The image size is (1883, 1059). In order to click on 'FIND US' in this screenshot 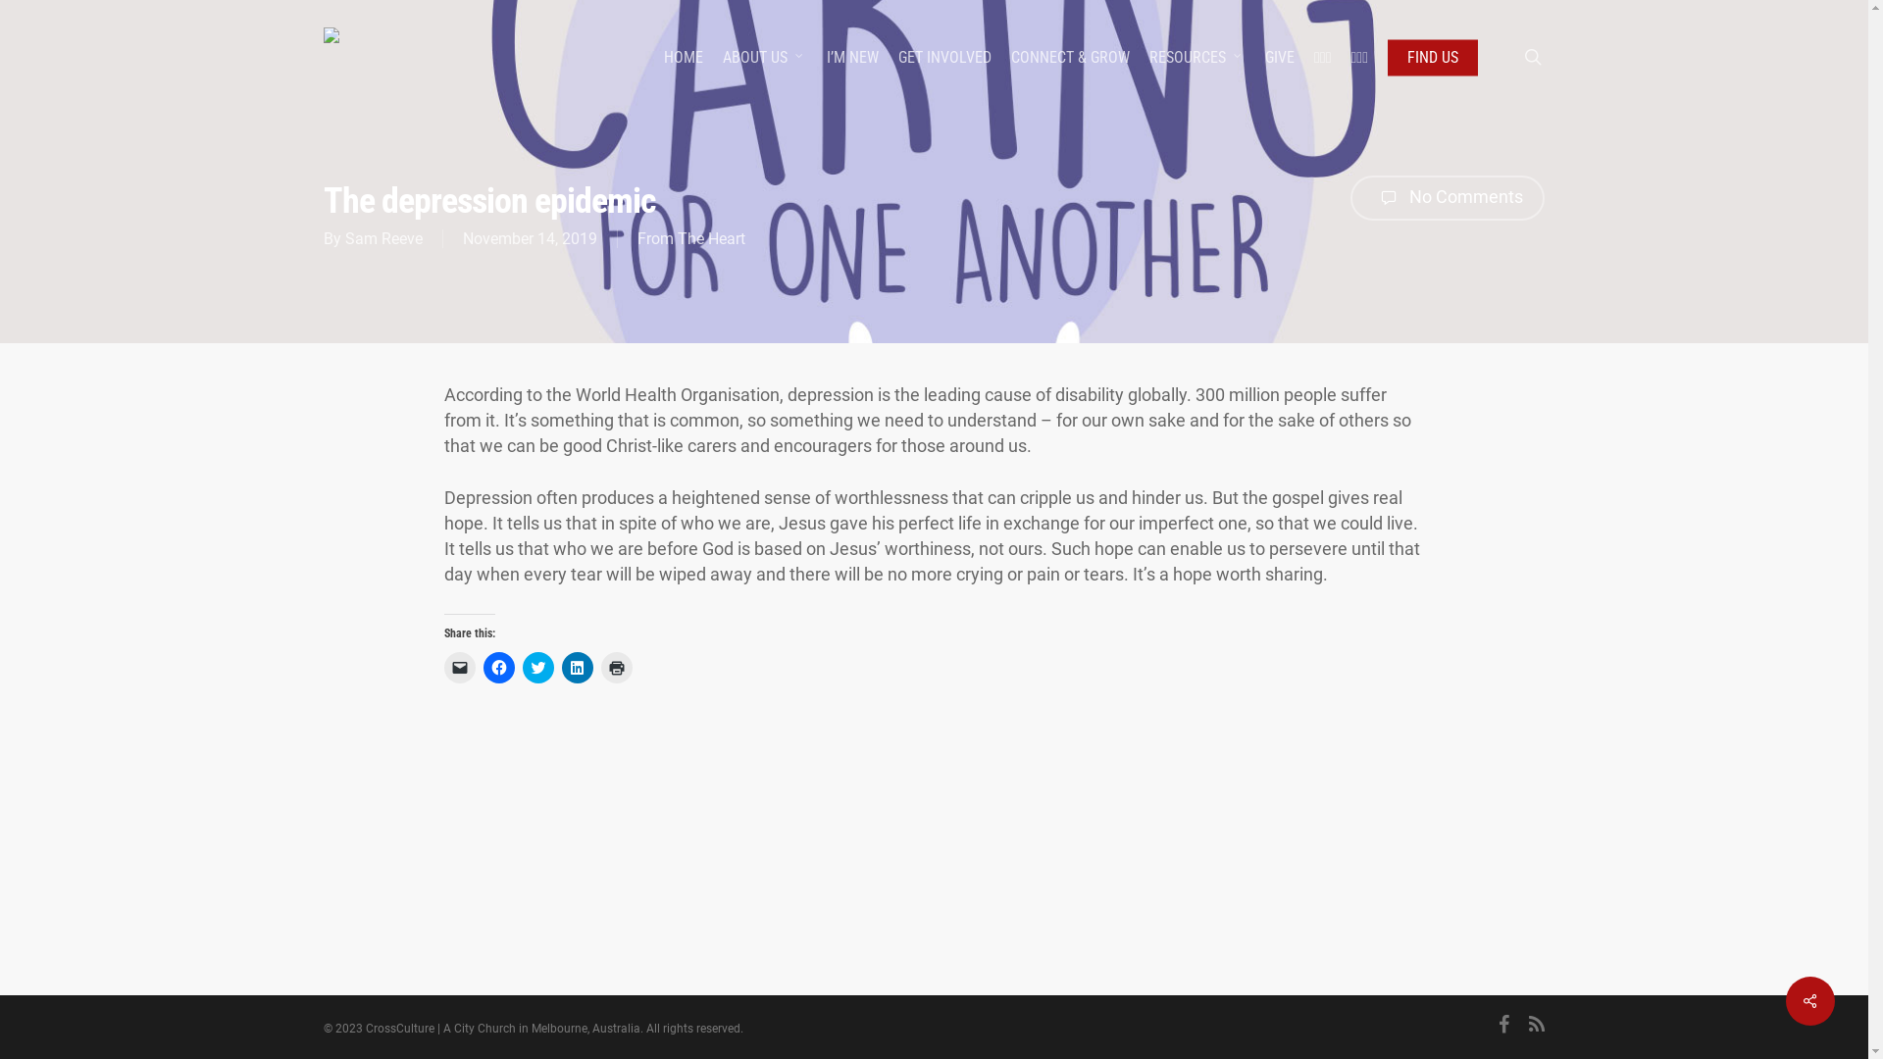, I will do `click(1387, 55)`.